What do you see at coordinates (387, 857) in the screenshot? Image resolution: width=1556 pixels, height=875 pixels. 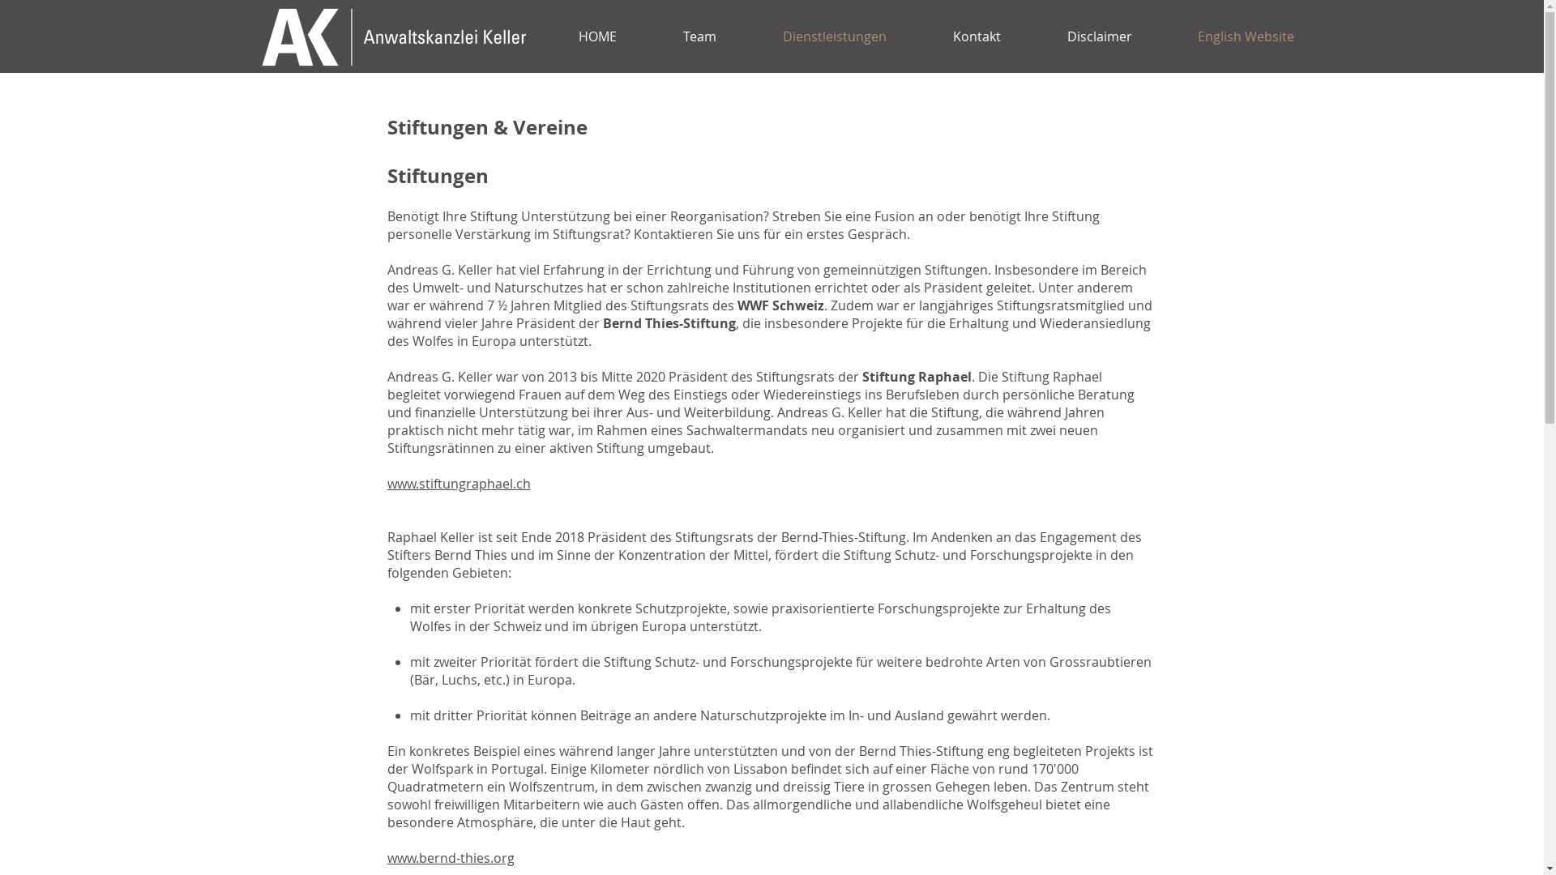 I see `'www.bernd-thies.org'` at bounding box center [387, 857].